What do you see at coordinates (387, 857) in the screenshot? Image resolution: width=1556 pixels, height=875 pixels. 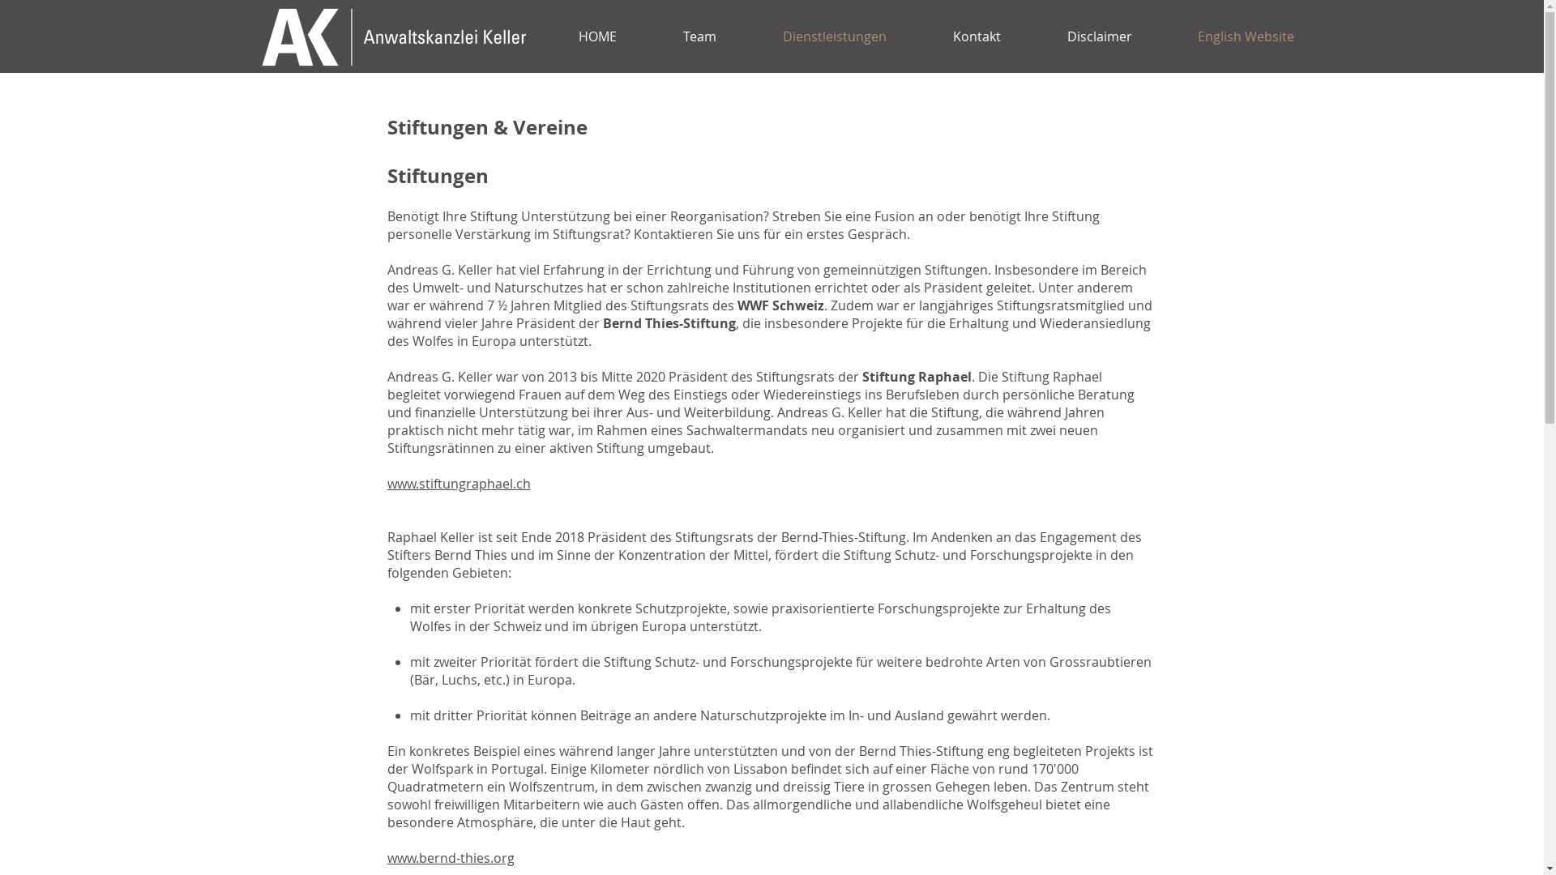 I see `'www.bernd-thies.org'` at bounding box center [387, 857].